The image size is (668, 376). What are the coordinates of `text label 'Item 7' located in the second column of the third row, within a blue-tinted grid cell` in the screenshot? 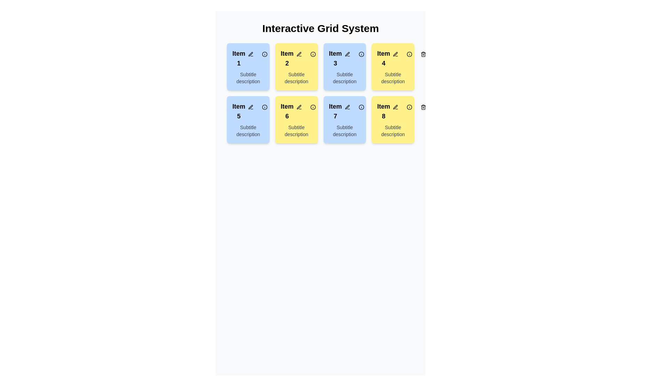 It's located at (335, 111).